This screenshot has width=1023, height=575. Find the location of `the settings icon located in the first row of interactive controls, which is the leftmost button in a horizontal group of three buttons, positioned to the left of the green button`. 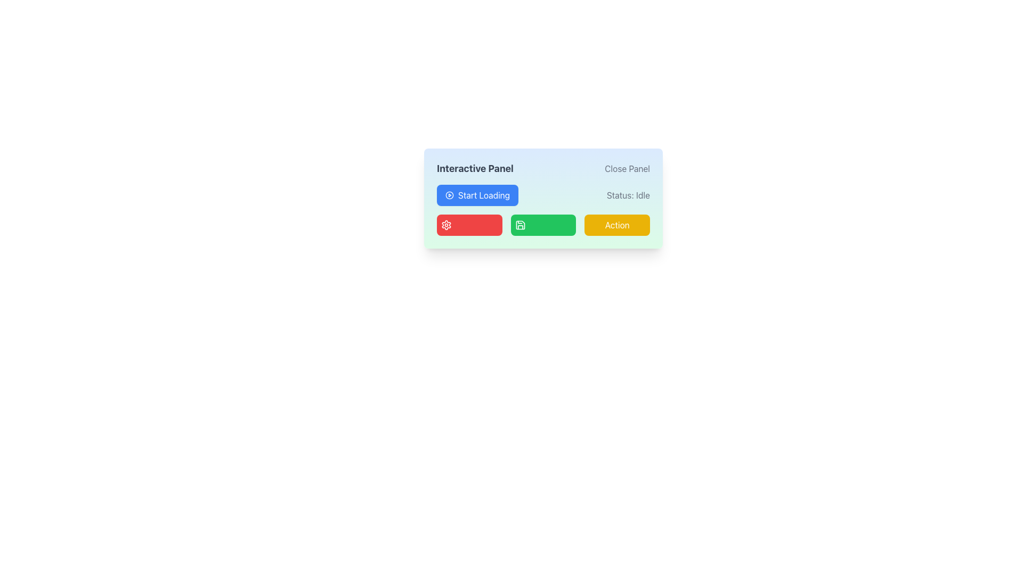

the settings icon located in the first row of interactive controls, which is the leftmost button in a horizontal group of three buttons, positioned to the left of the green button is located at coordinates (446, 225).